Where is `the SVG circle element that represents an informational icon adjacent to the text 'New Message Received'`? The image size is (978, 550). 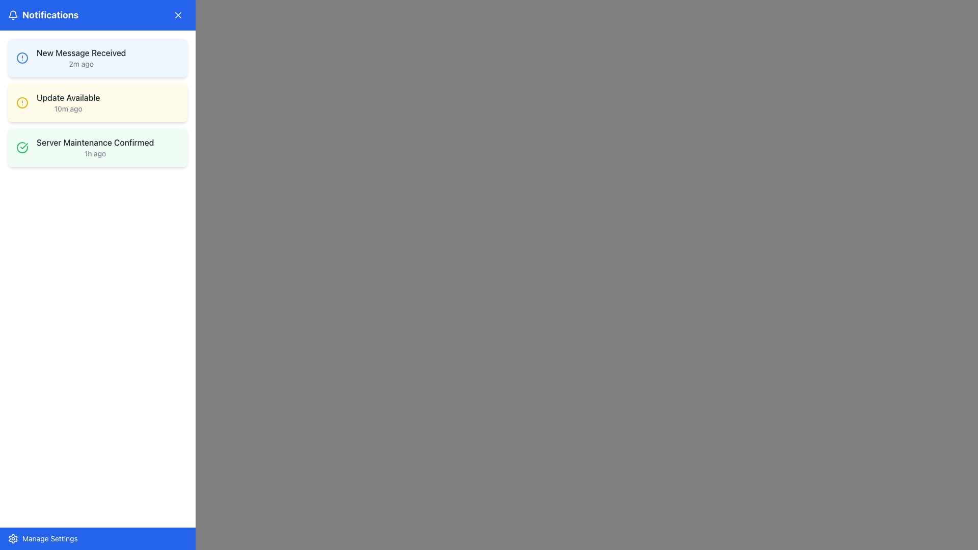 the SVG circle element that represents an informational icon adjacent to the text 'New Message Received' is located at coordinates (22, 58).